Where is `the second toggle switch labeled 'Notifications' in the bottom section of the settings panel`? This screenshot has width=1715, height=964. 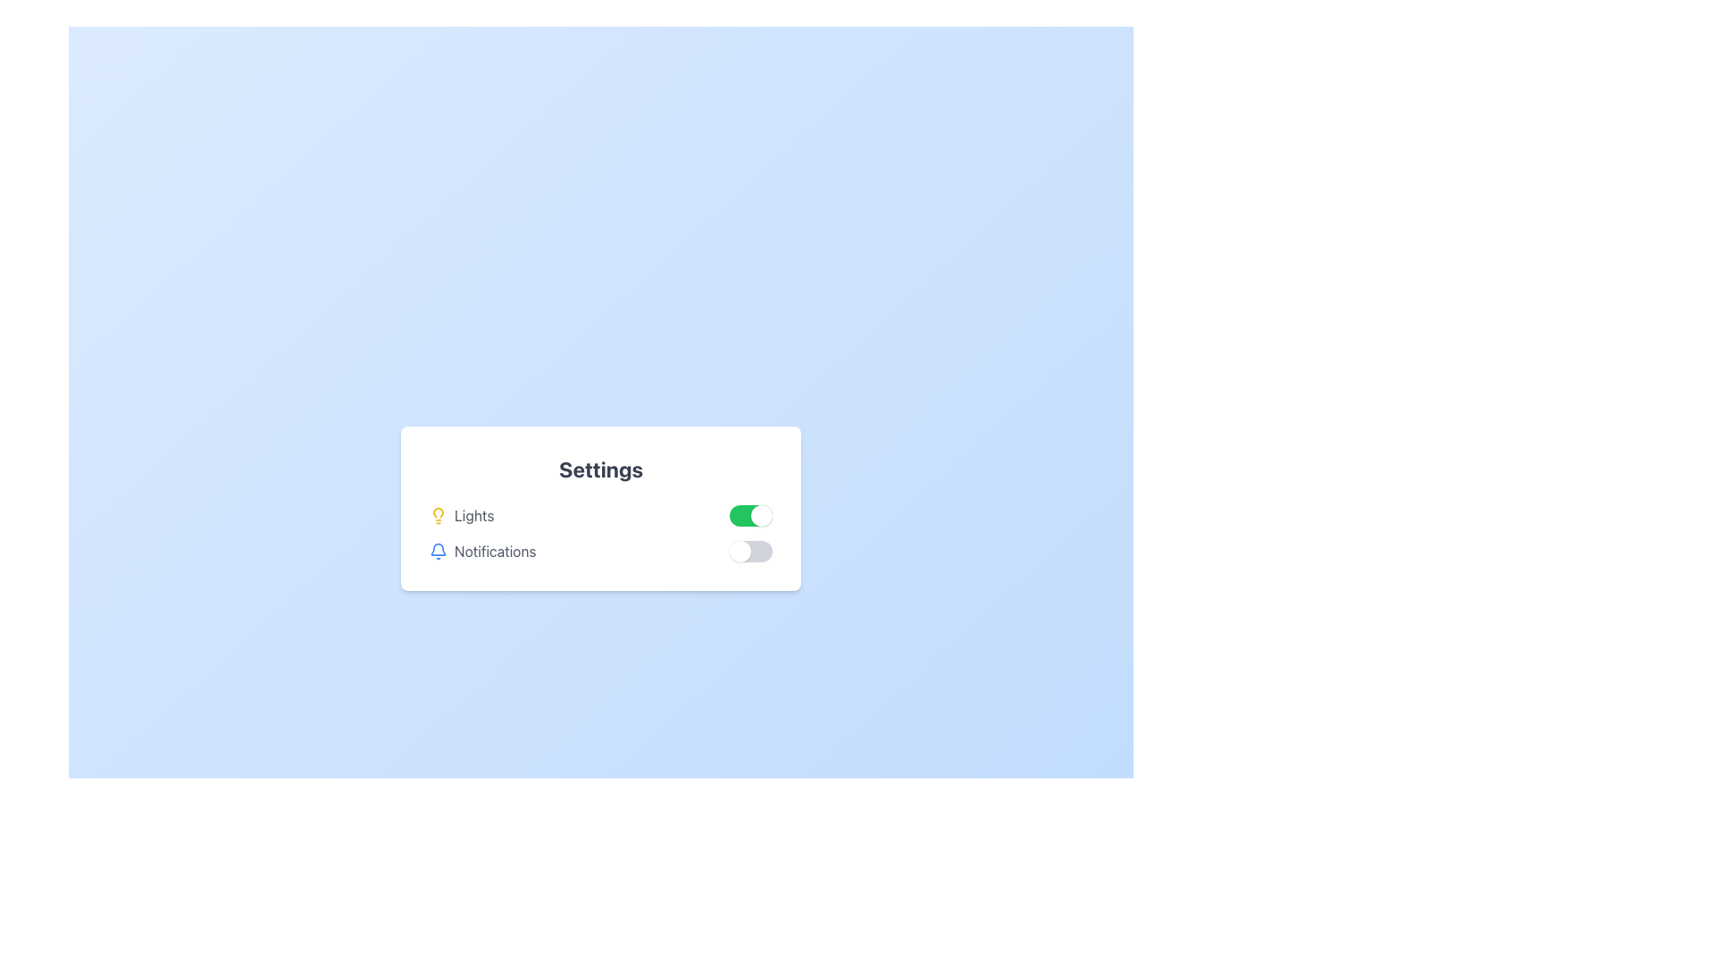
the second toggle switch labeled 'Notifications' in the bottom section of the settings panel is located at coordinates (750, 550).